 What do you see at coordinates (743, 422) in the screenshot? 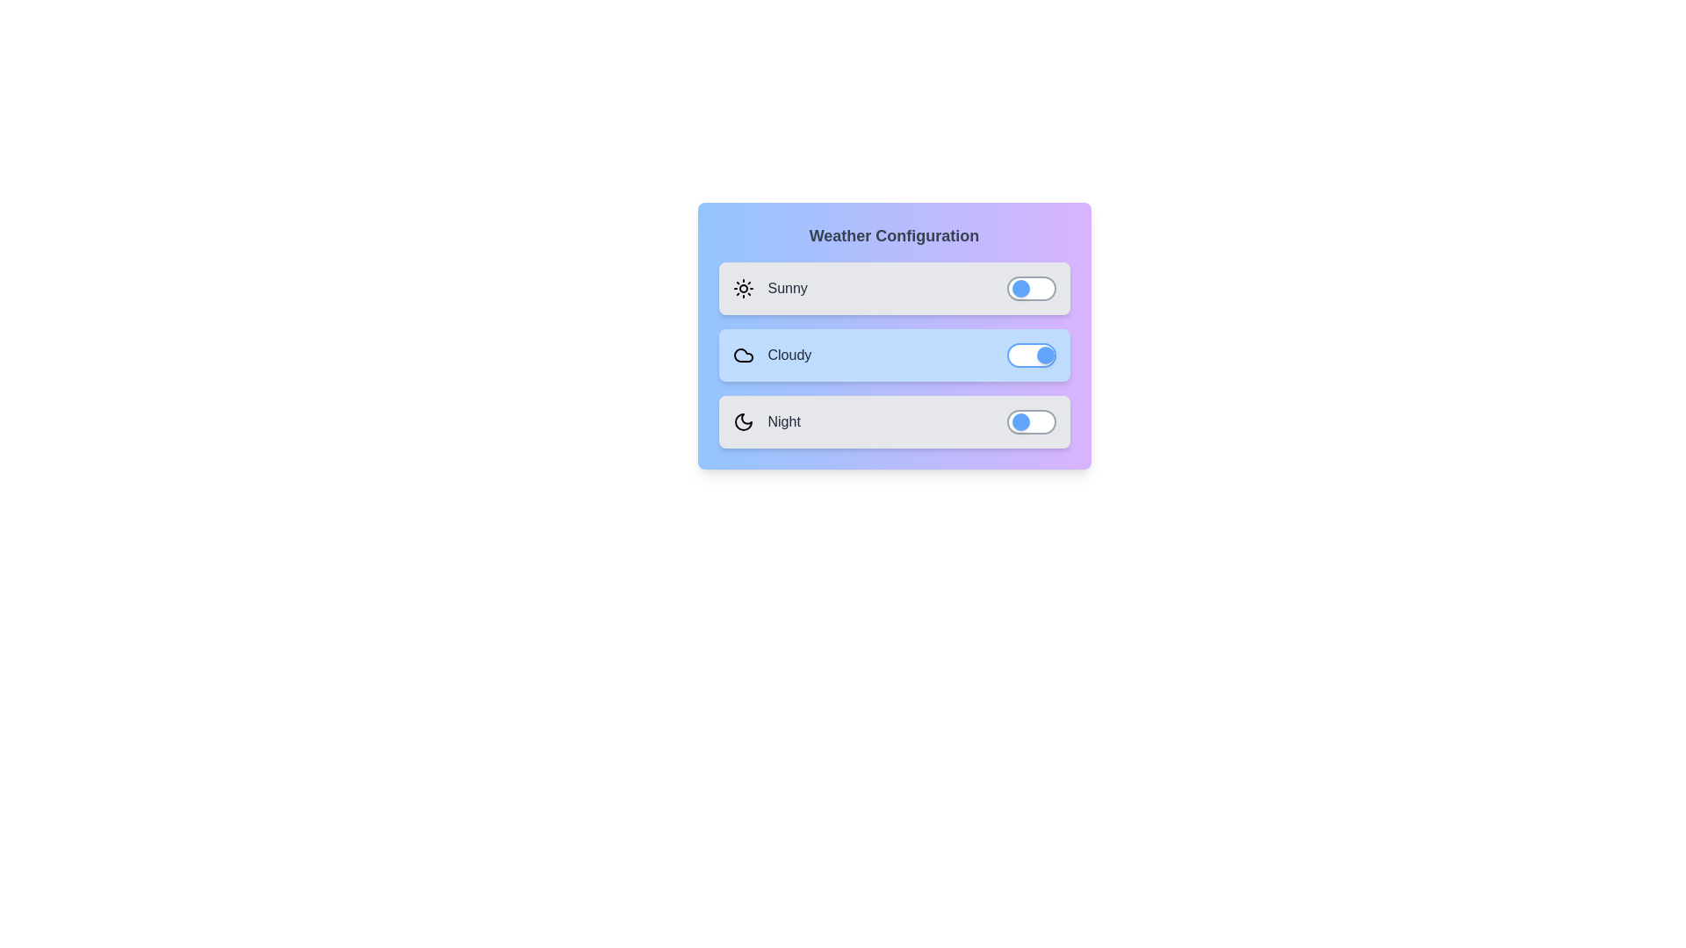
I see `the icon for the Night weather option to toggle its state` at bounding box center [743, 422].